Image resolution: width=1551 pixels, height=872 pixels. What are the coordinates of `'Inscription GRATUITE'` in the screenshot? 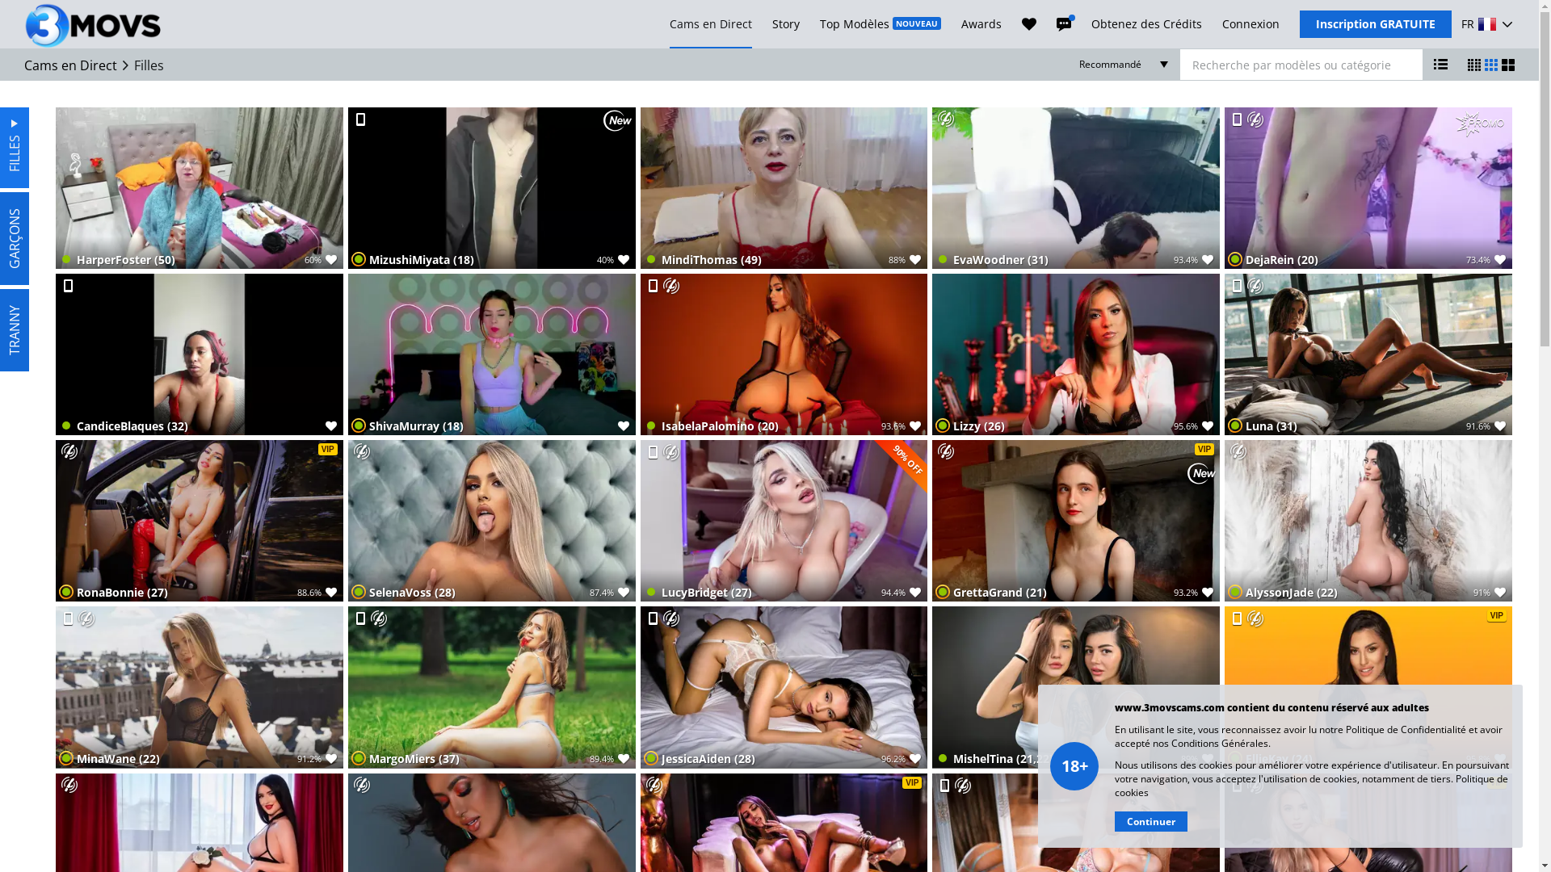 It's located at (1375, 24).